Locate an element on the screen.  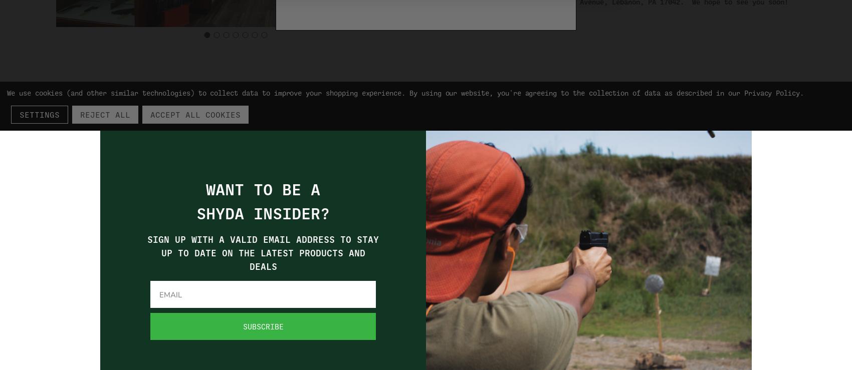
'By using our website, you're agreeing to the collection of data as described in our' is located at coordinates (576, 92).